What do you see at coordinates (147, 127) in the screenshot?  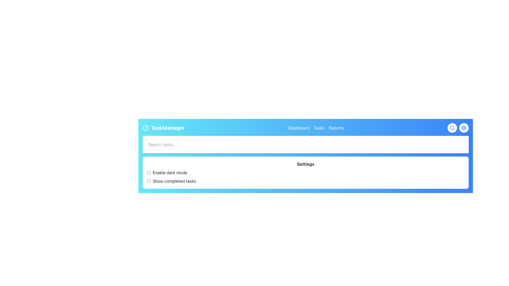 I see `the checkmark icon inside the circular confirmation icon, which indicates success` at bounding box center [147, 127].